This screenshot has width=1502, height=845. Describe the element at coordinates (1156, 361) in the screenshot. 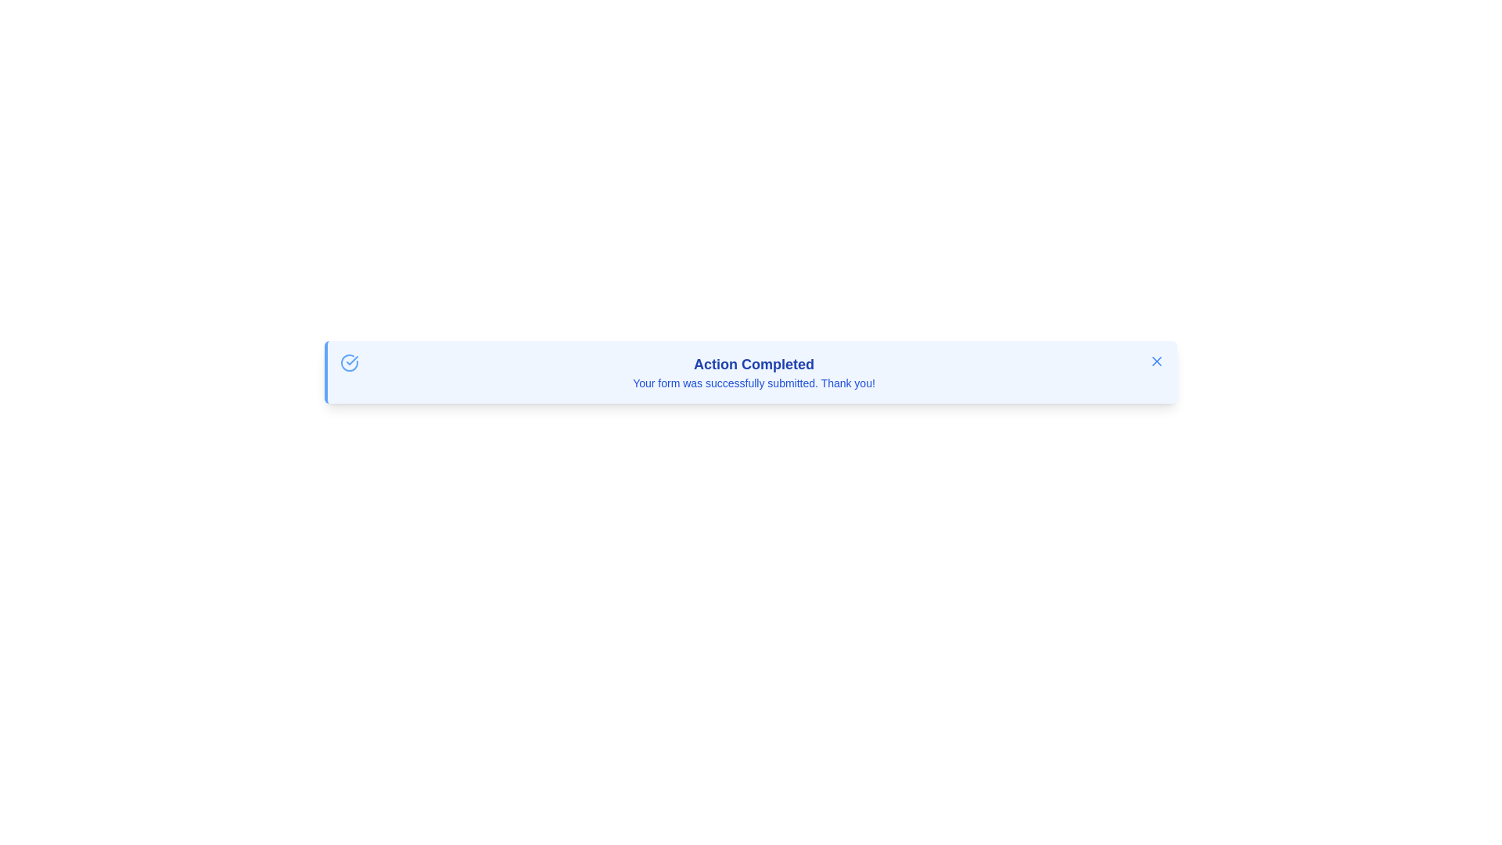

I see `the Close/Dismiss icon located in the top-right corner of the light blue notification box` at that location.